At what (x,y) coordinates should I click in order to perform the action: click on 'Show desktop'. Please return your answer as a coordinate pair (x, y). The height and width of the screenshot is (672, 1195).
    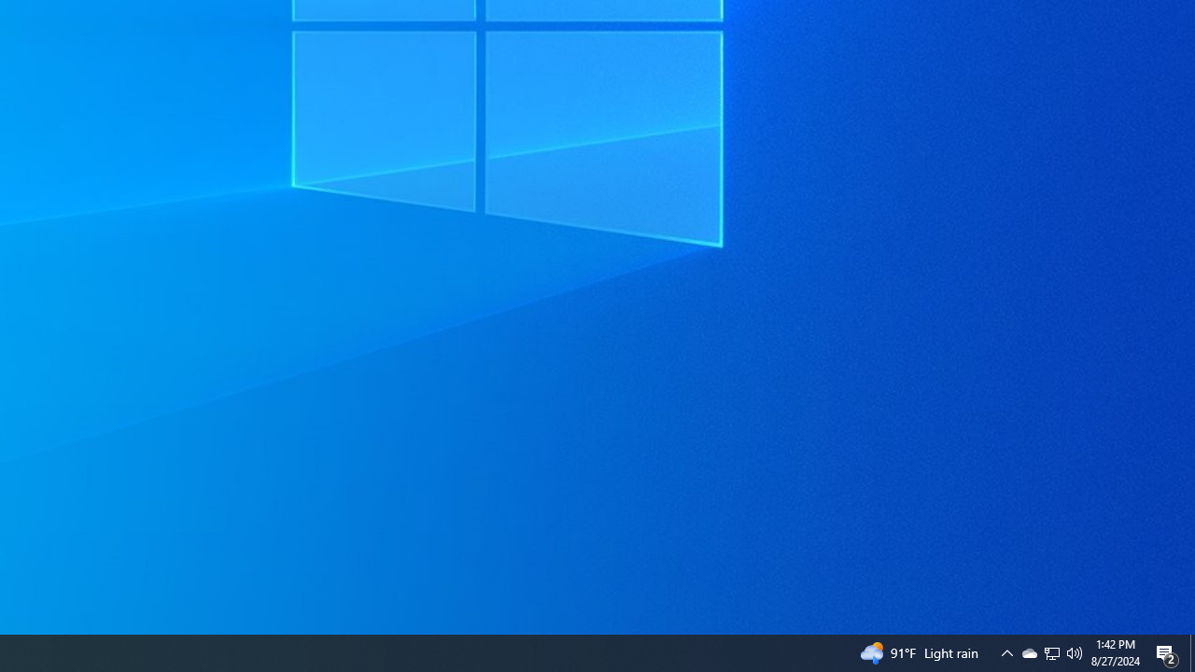
    Looking at the image, I should click on (1191, 651).